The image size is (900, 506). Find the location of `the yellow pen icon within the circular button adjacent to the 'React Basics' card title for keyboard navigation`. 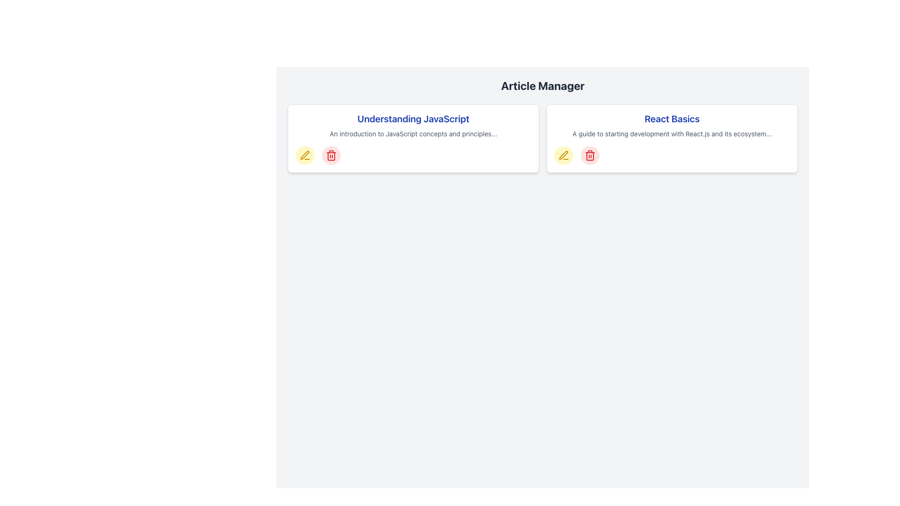

the yellow pen icon within the circular button adjacent to the 'React Basics' card title for keyboard navigation is located at coordinates (563, 155).